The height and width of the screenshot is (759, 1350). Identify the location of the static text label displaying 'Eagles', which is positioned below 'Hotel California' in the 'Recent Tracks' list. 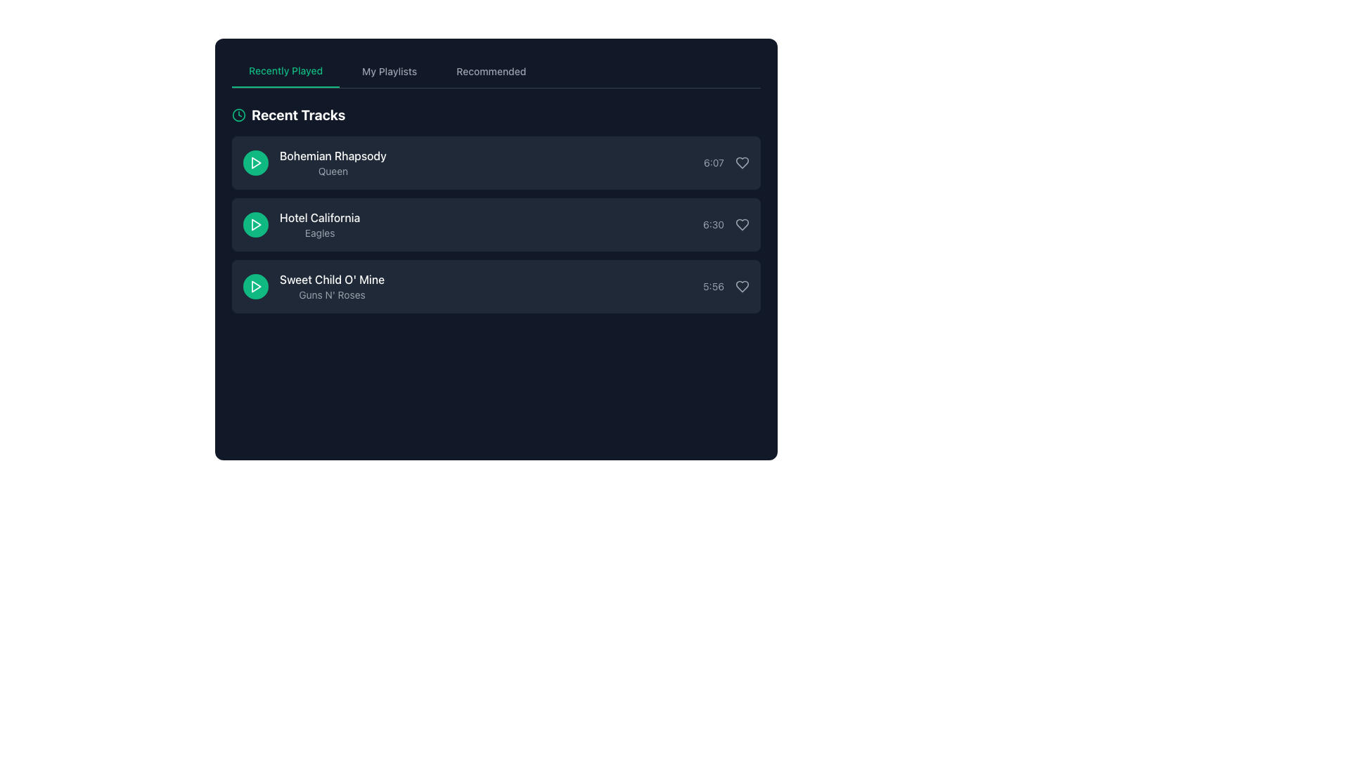
(319, 232).